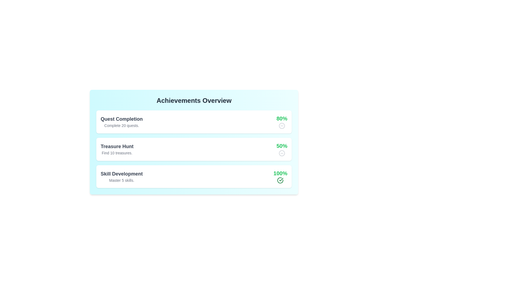 This screenshot has height=293, width=521. I want to click on the text label reading 'Complete 20 quests.' located under the 'Quest Completion' section, so click(121, 126).